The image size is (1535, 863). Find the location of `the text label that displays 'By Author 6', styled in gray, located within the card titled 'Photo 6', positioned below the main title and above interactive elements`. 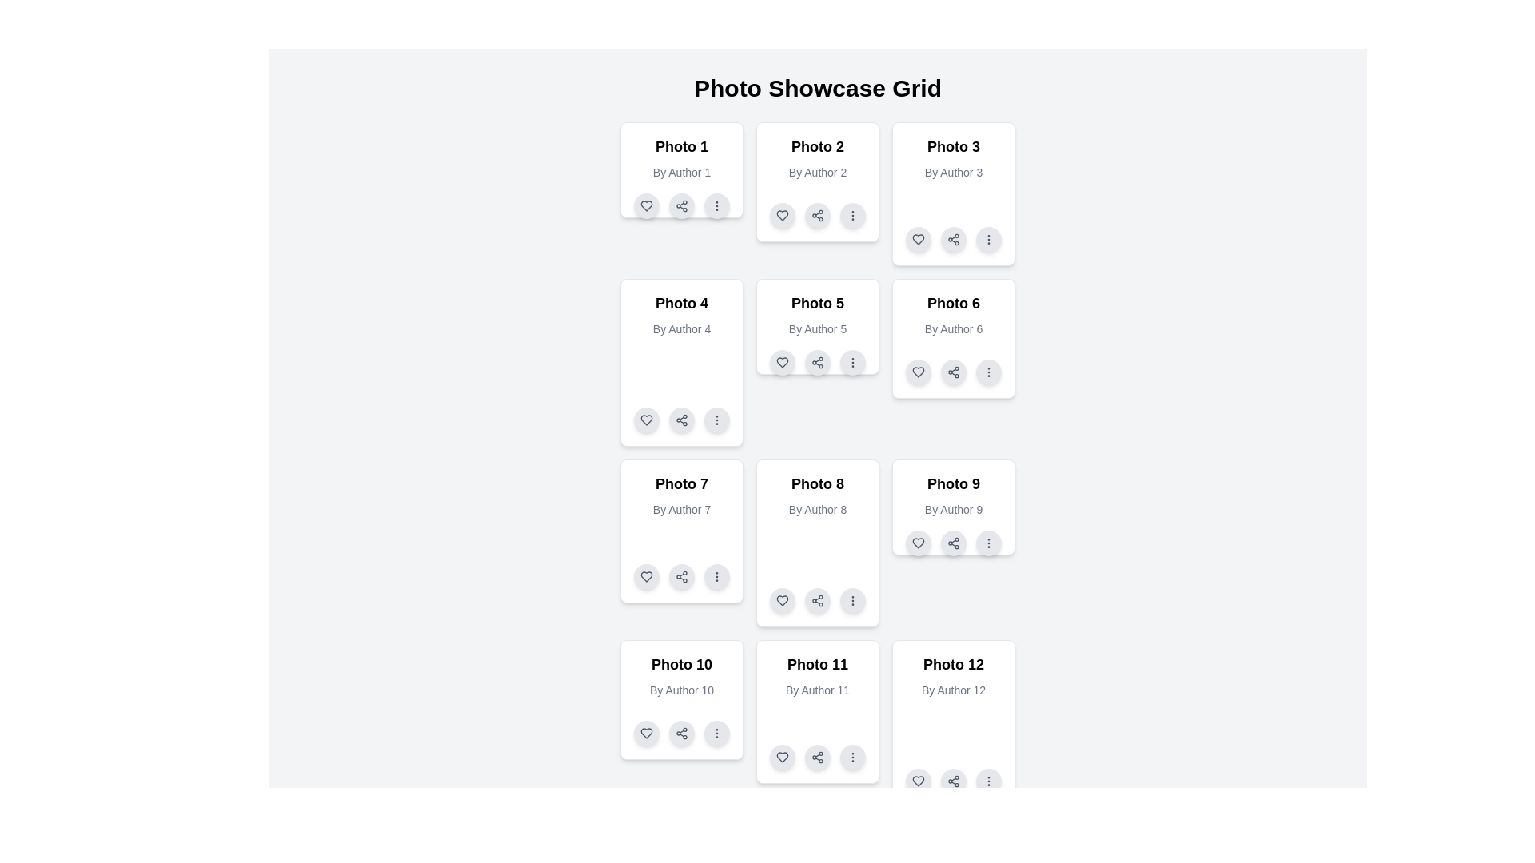

the text label that displays 'By Author 6', styled in gray, located within the card titled 'Photo 6', positioned below the main title and above interactive elements is located at coordinates (954, 328).